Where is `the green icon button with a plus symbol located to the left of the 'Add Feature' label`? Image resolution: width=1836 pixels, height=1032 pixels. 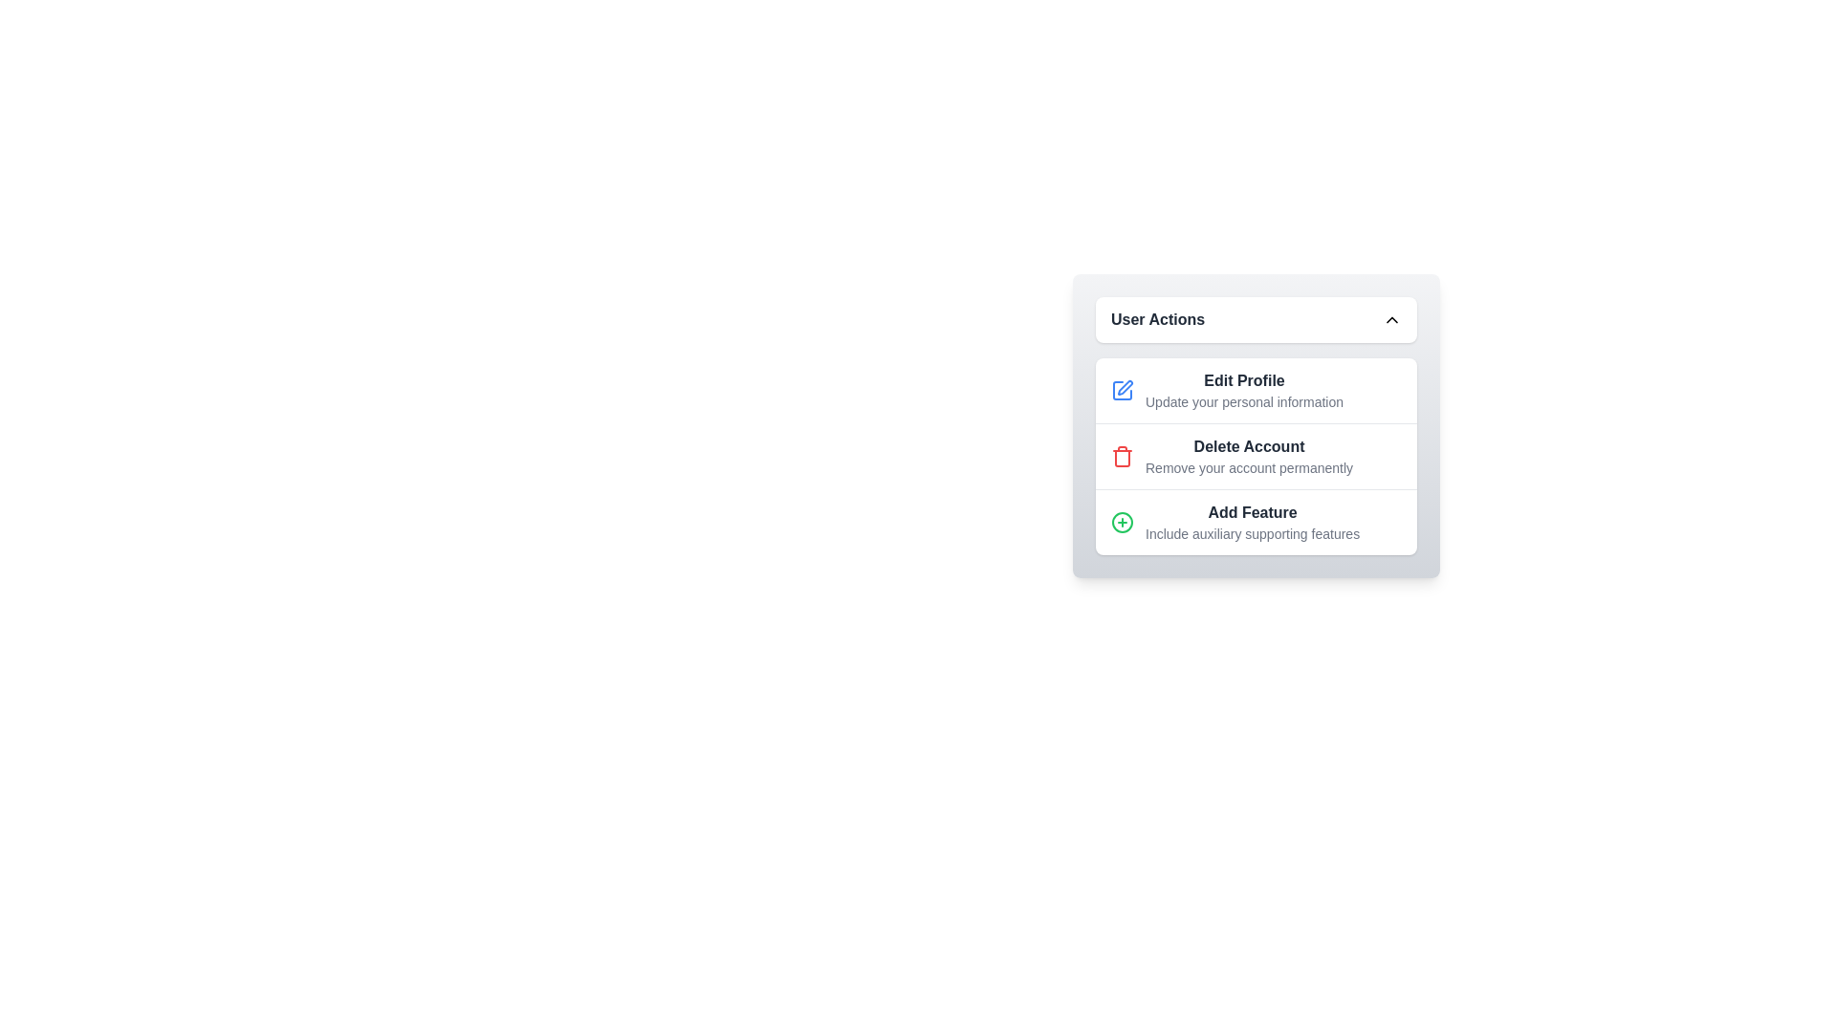
the green icon button with a plus symbol located to the left of the 'Add Feature' label is located at coordinates (1123, 523).